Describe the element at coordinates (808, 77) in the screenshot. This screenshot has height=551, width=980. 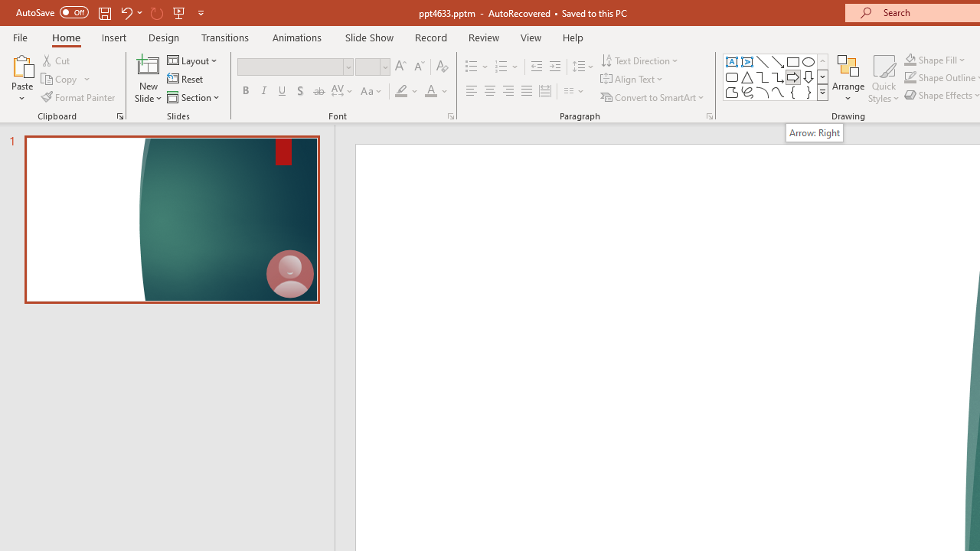
I see `'Arrow: Down'` at that location.